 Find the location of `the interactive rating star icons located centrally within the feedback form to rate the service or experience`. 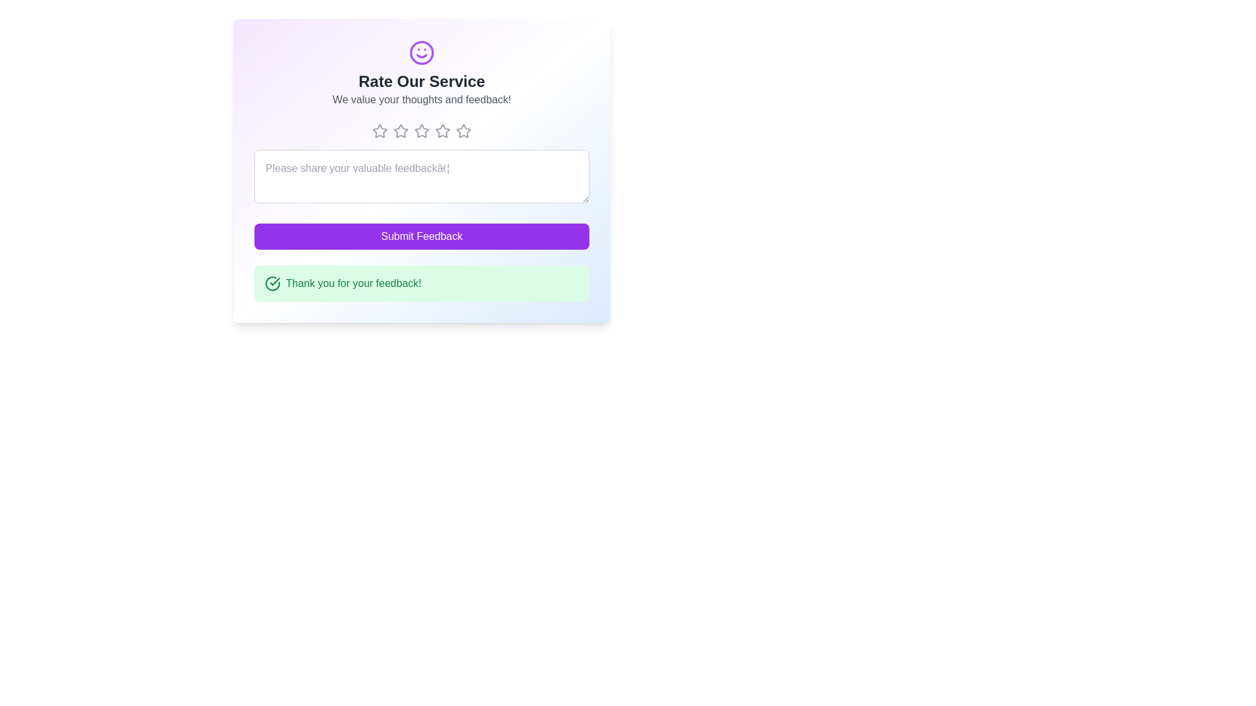

the interactive rating star icons located centrally within the feedback form to rate the service or experience is located at coordinates (421, 131).